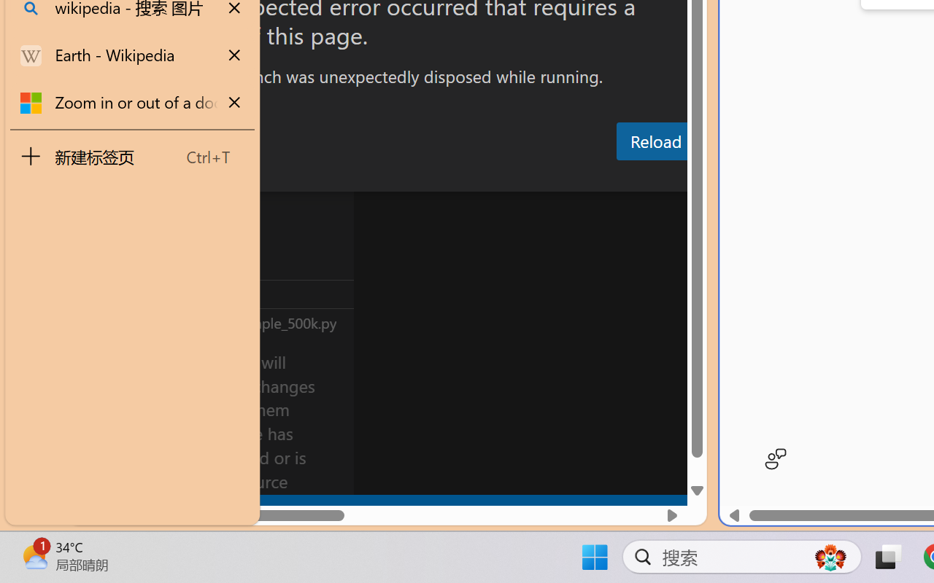 This screenshot has height=583, width=934. I want to click on 'Reload', so click(655, 140).